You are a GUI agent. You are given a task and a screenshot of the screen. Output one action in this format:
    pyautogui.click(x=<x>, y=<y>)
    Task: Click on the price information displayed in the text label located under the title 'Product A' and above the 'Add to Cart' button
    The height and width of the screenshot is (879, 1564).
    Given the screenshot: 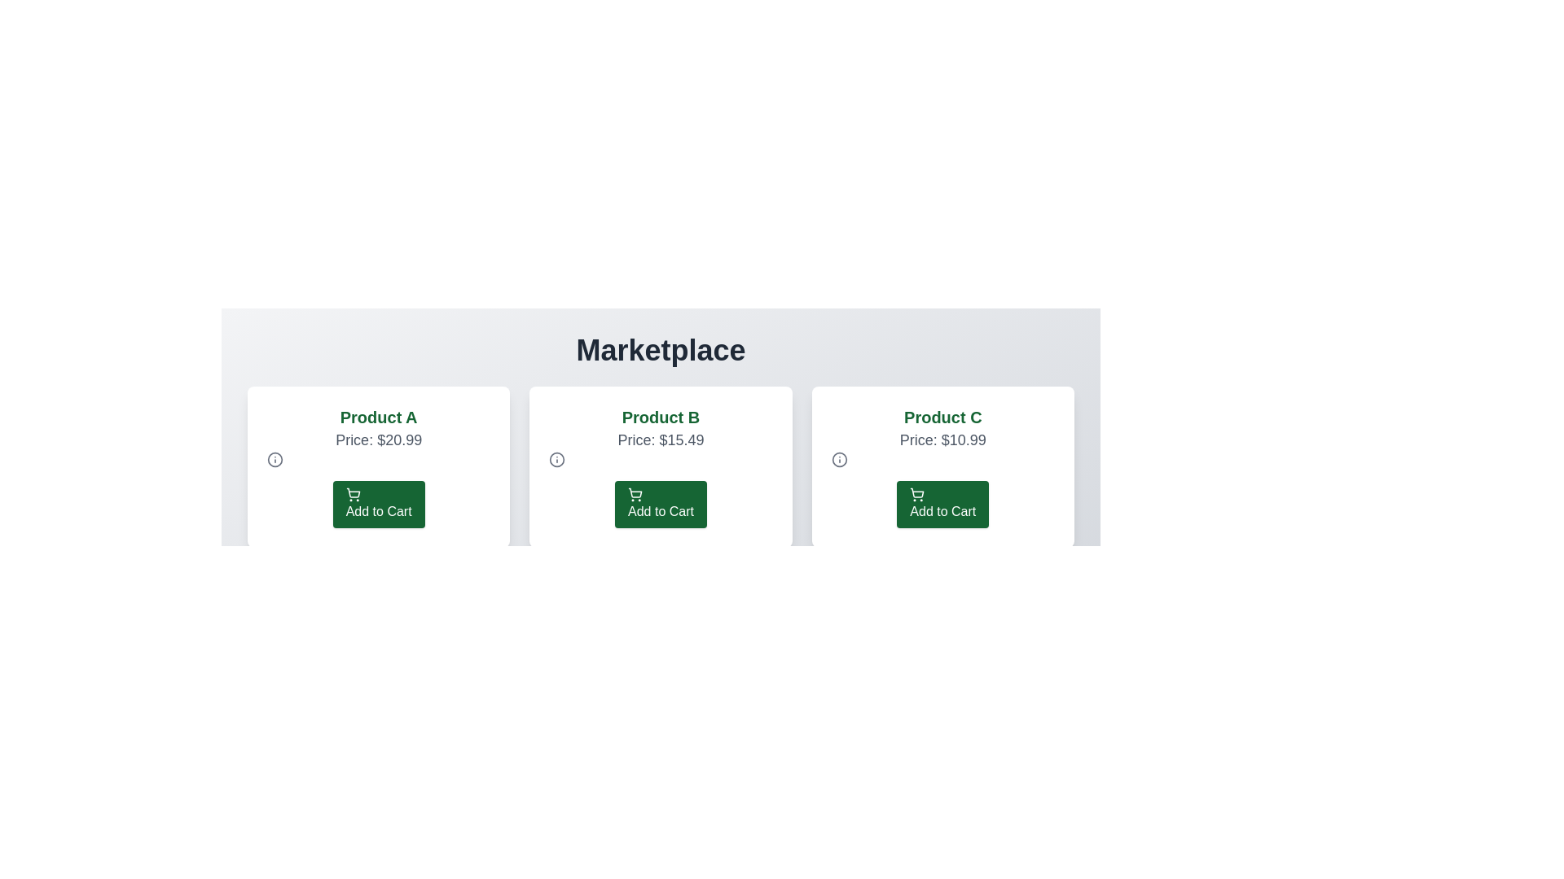 What is the action you would take?
    pyautogui.click(x=378, y=439)
    